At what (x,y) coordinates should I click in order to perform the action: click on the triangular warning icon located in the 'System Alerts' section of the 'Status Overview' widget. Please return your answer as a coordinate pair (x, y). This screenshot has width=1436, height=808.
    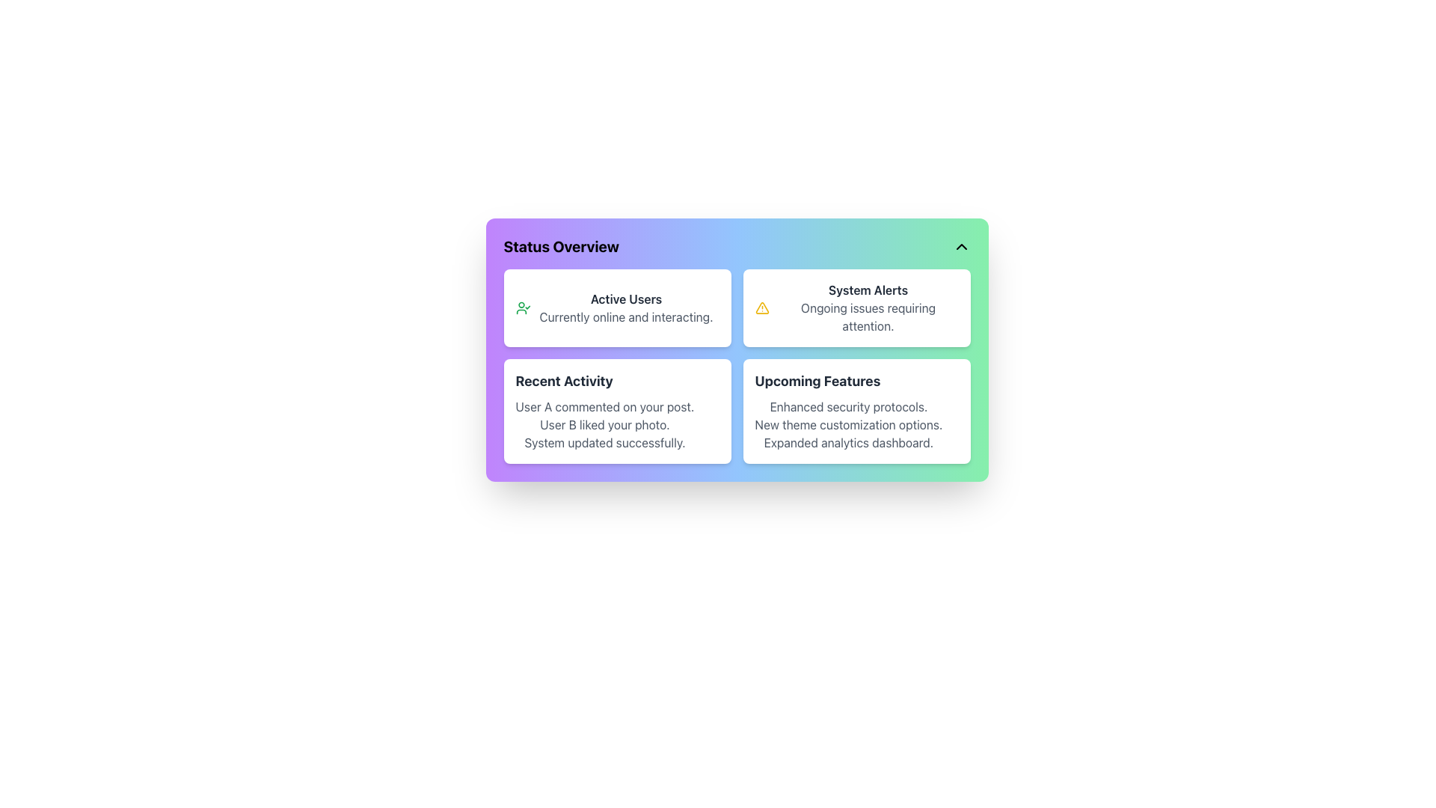
    Looking at the image, I should click on (761, 307).